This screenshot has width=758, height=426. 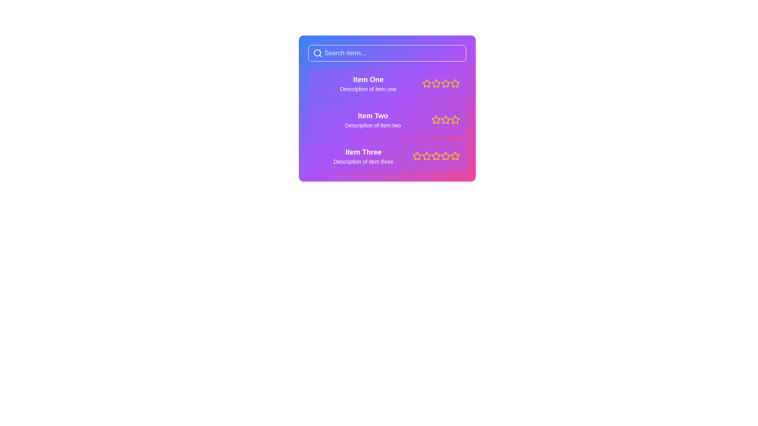 I want to click on the second star in the rating component to indicate a two-star rating for 'Item Two', so click(x=445, y=120).